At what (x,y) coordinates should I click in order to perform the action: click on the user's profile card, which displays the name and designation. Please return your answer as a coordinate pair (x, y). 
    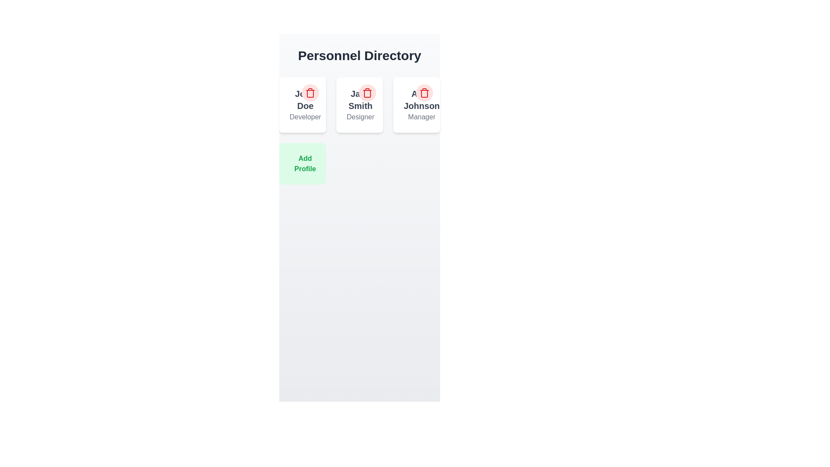
    Looking at the image, I should click on (303, 105).